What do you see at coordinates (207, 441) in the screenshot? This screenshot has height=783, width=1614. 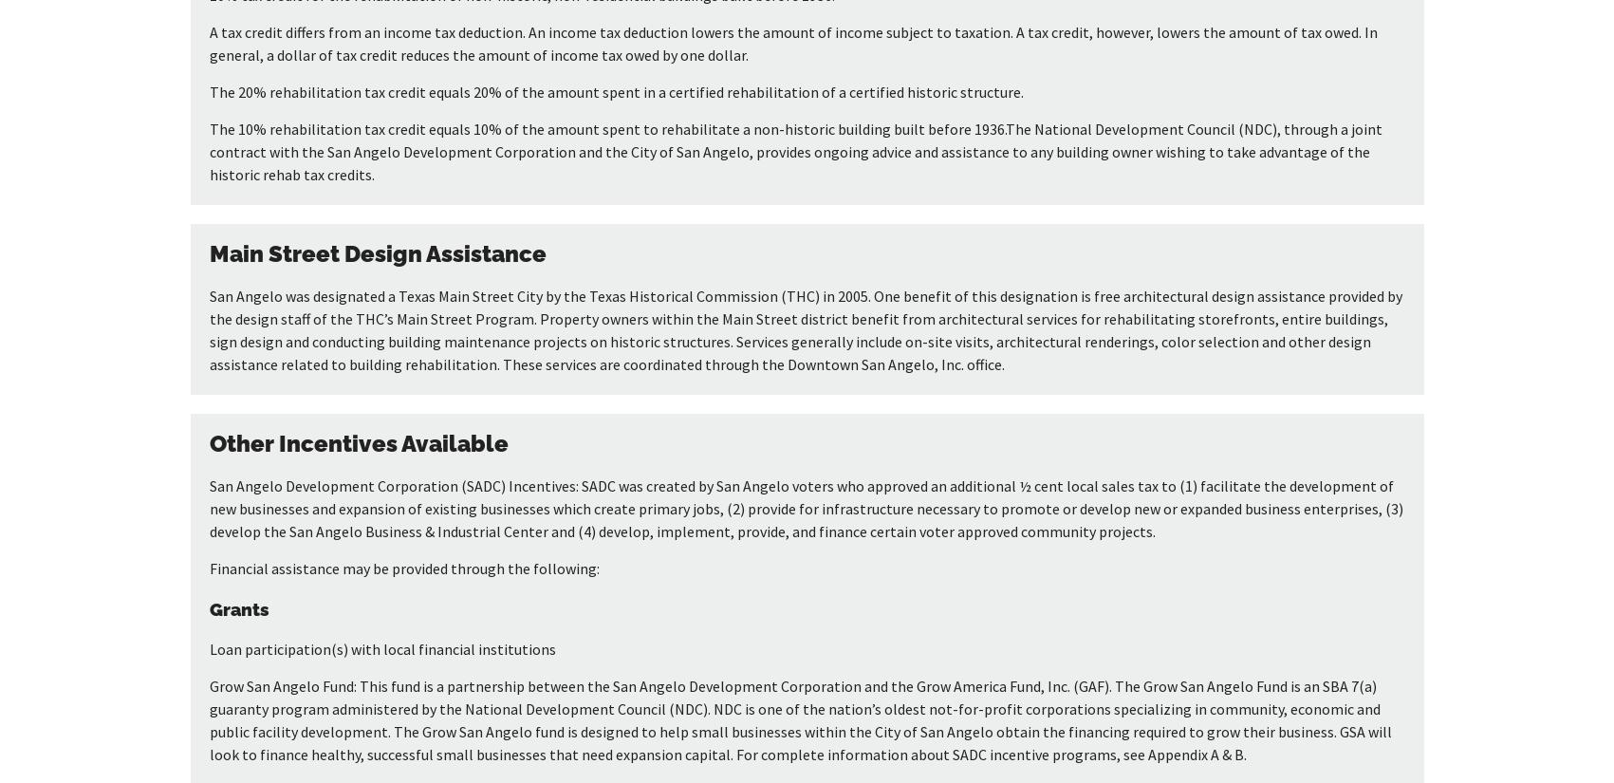 I see `'Other Incentives Available'` at bounding box center [207, 441].